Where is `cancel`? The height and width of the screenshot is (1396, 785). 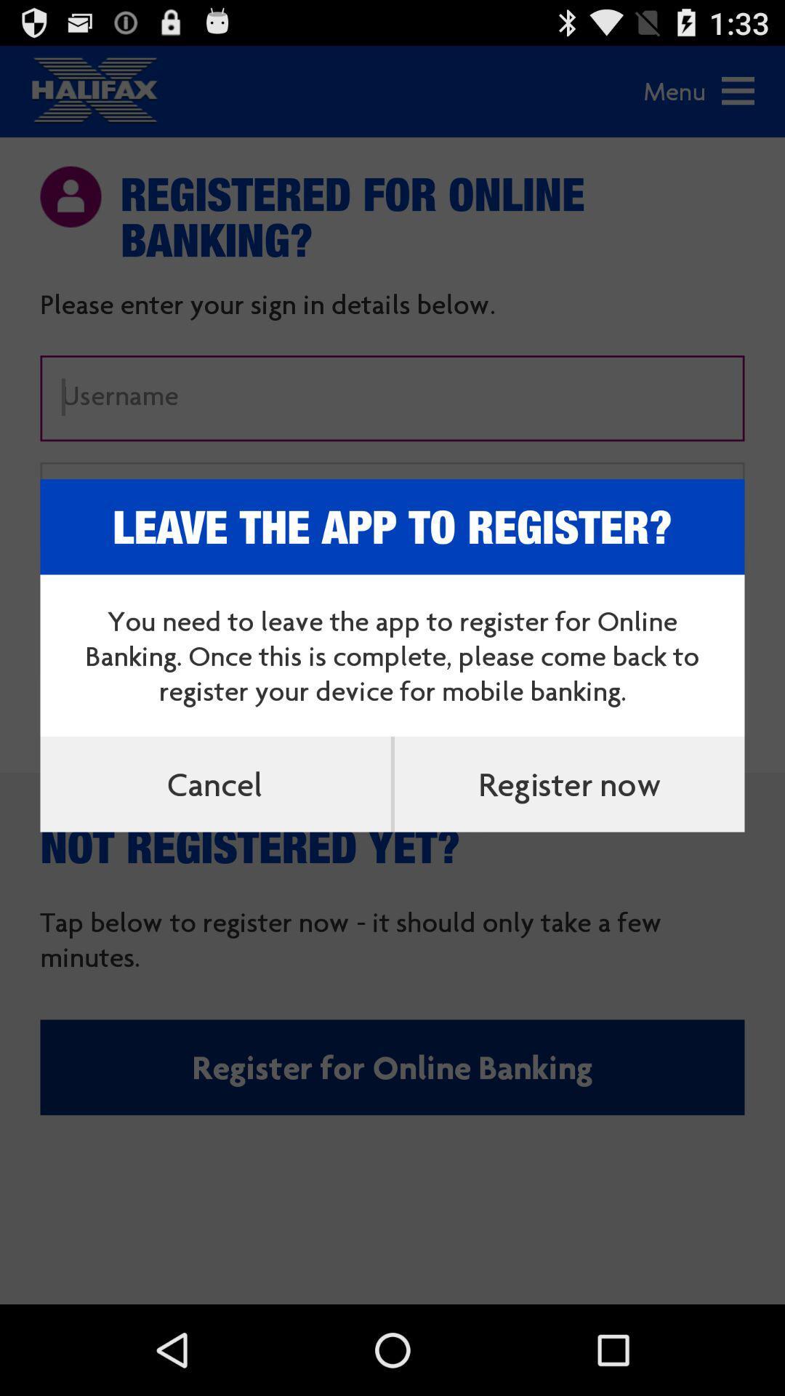
cancel is located at coordinates (215, 783).